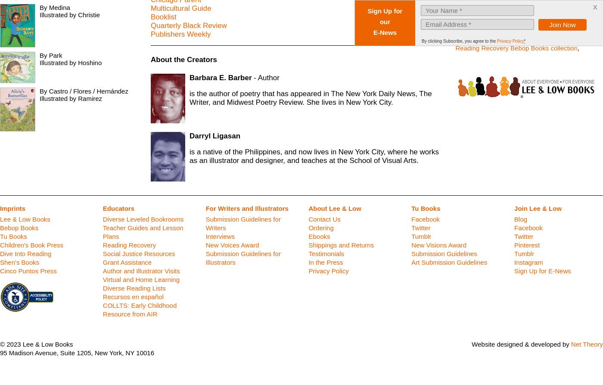 Image resolution: width=603 pixels, height=385 pixels. I want to click on 'Social Justice Resources', so click(103, 253).